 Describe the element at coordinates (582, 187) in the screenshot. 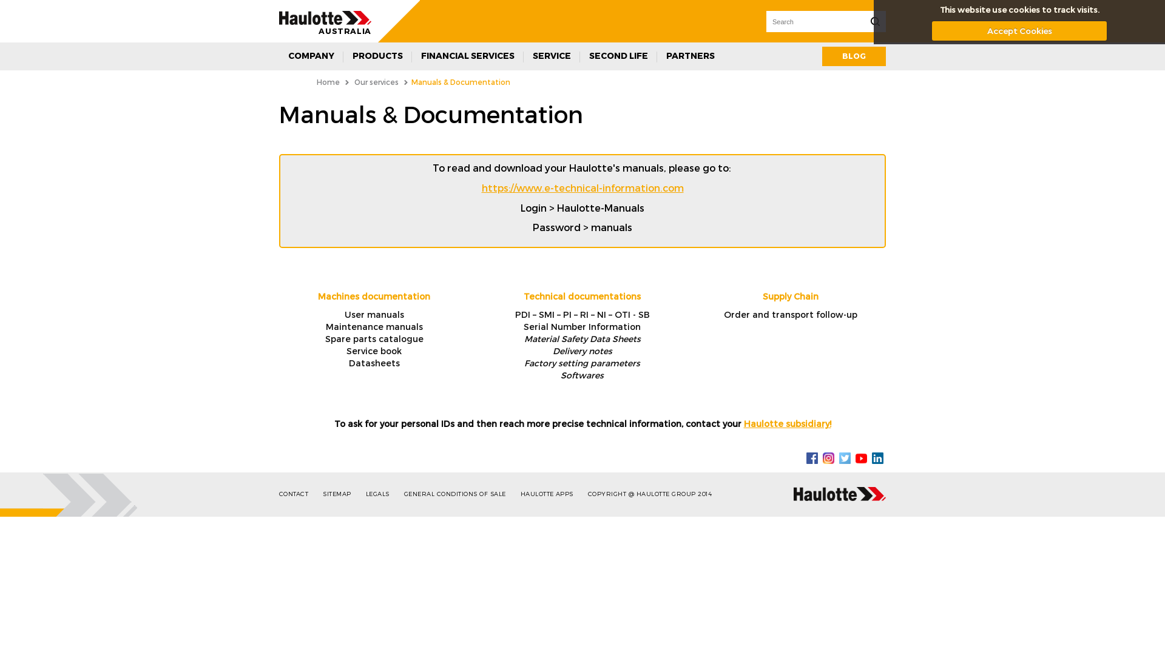

I see `'https://www.e-technical-information.com'` at that location.